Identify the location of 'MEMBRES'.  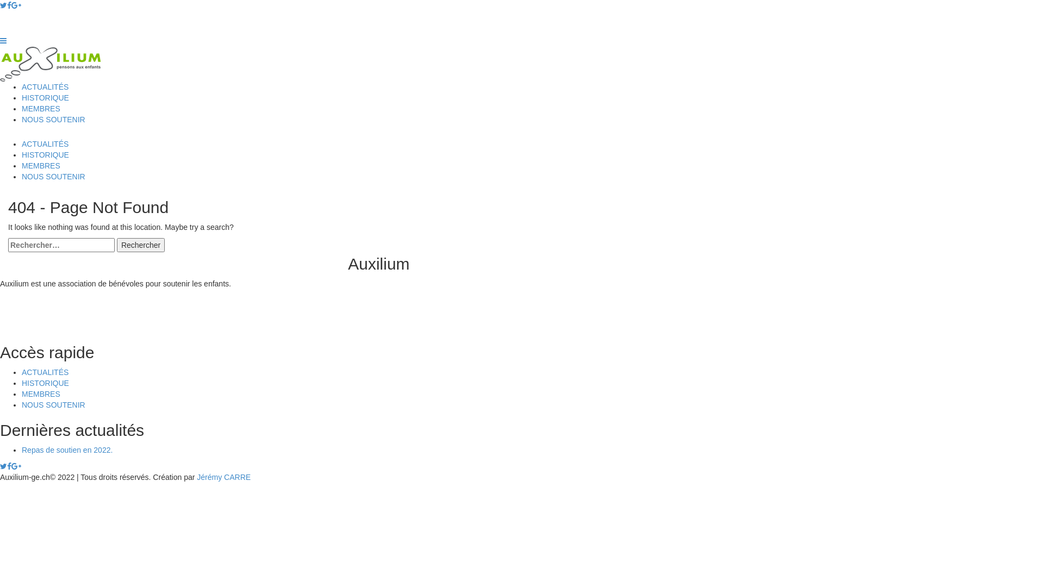
(21, 165).